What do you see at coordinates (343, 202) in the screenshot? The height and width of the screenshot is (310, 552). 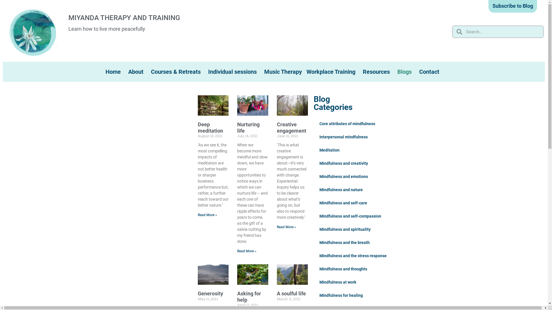 I see `'Mindfulness and self-care'` at bounding box center [343, 202].